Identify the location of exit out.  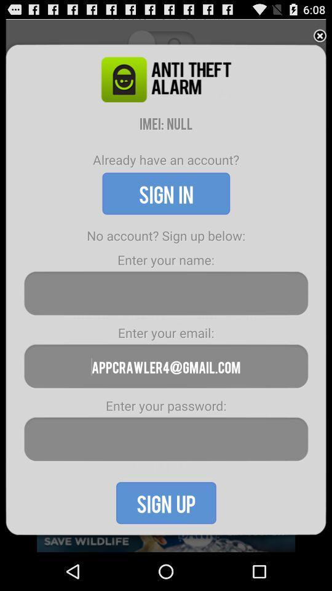
(320, 35).